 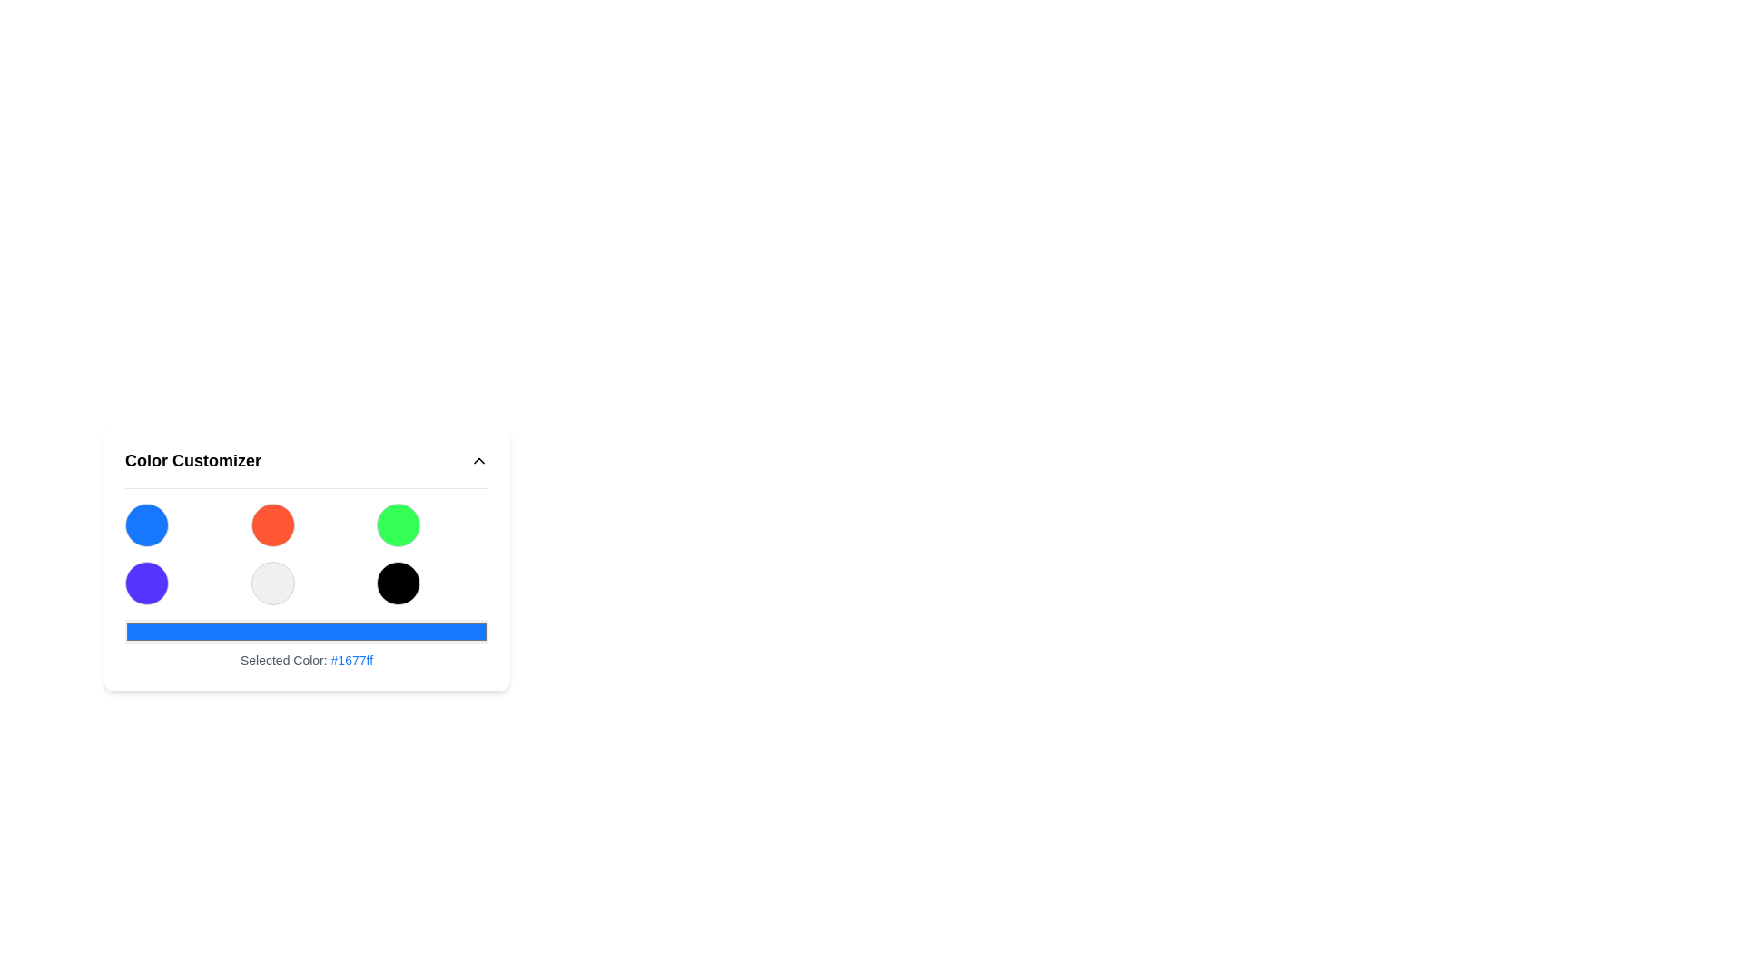 What do you see at coordinates (351, 661) in the screenshot?
I see `the static text element that displays the currently selected color's code in hexadecimal format, located at the end of the text 'Selected Color: #1677ff'` at bounding box center [351, 661].